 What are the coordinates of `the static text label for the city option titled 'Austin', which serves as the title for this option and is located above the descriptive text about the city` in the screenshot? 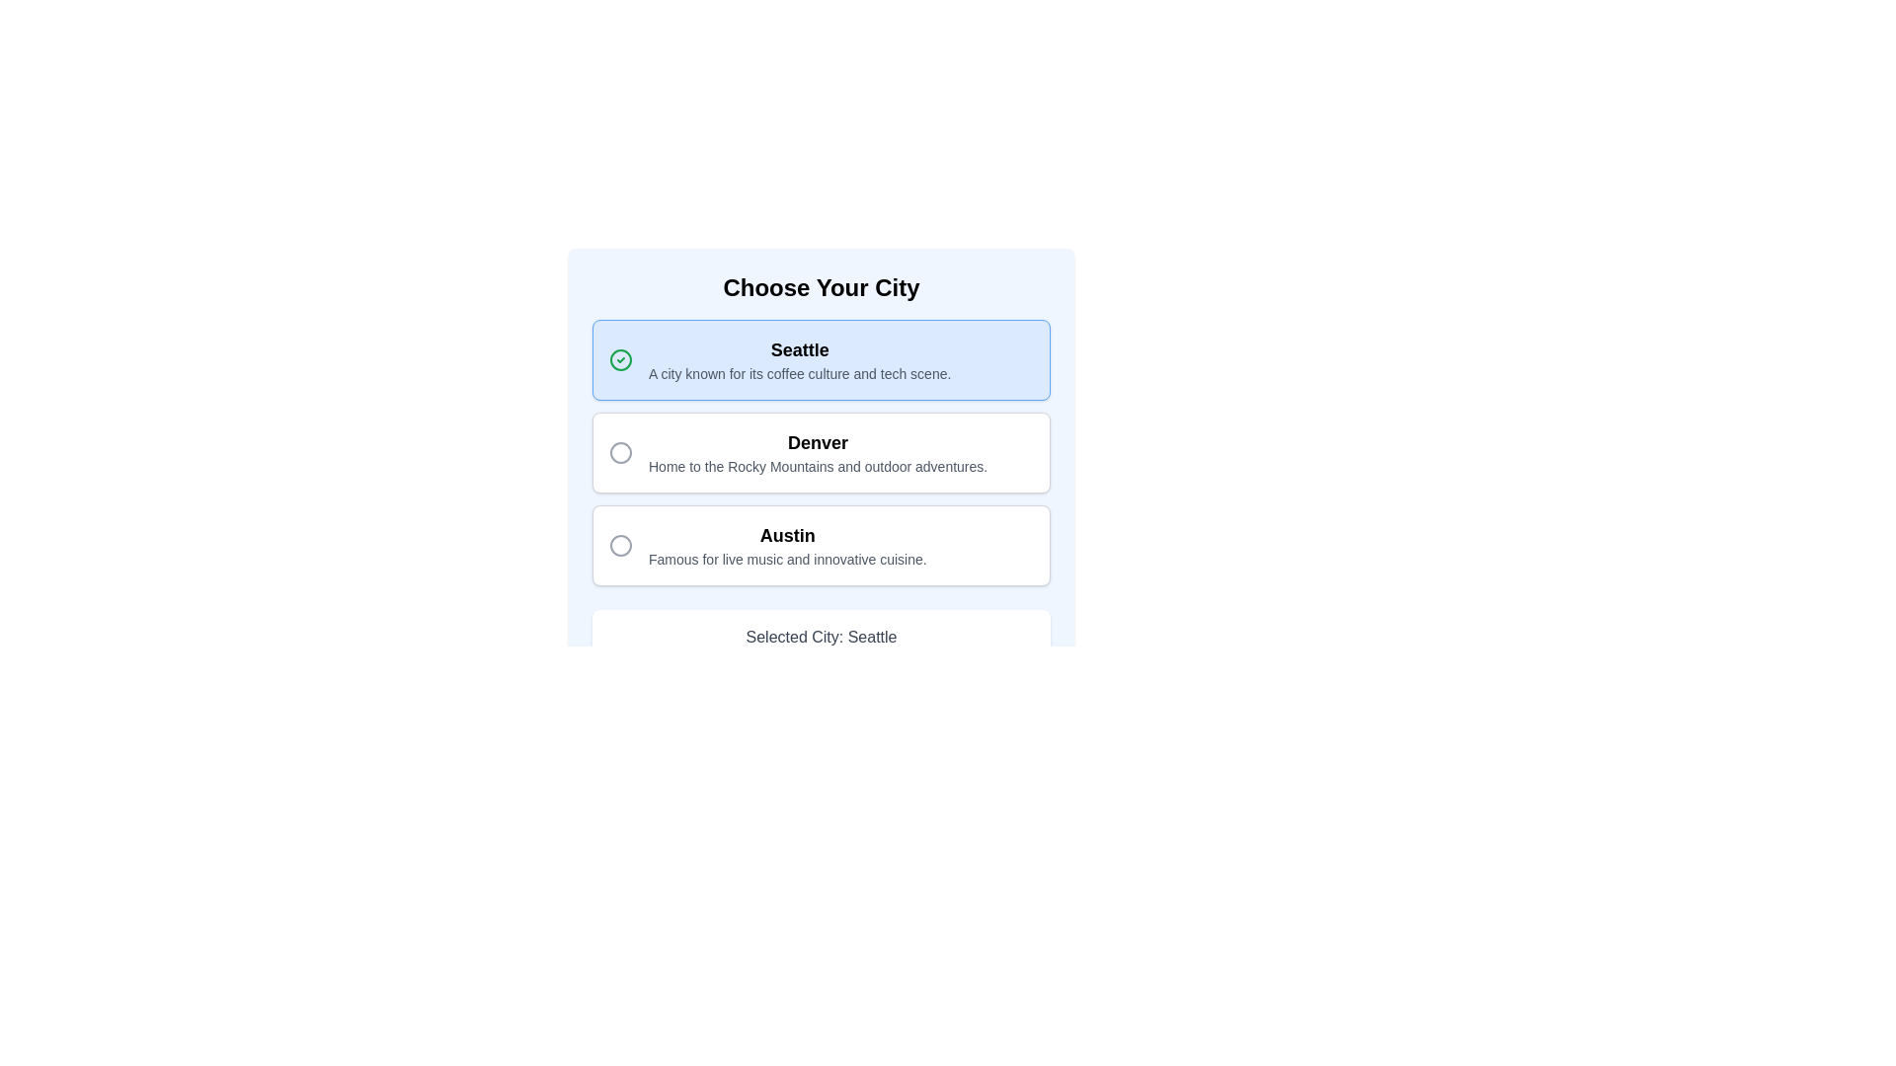 It's located at (786, 536).